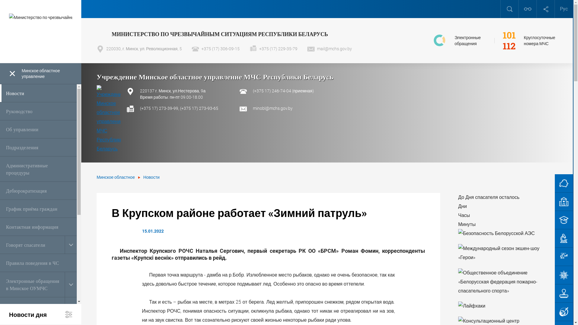  Describe the element at coordinates (191, 48) in the screenshot. I see `'+375 (17) 306-09-15'` at that location.